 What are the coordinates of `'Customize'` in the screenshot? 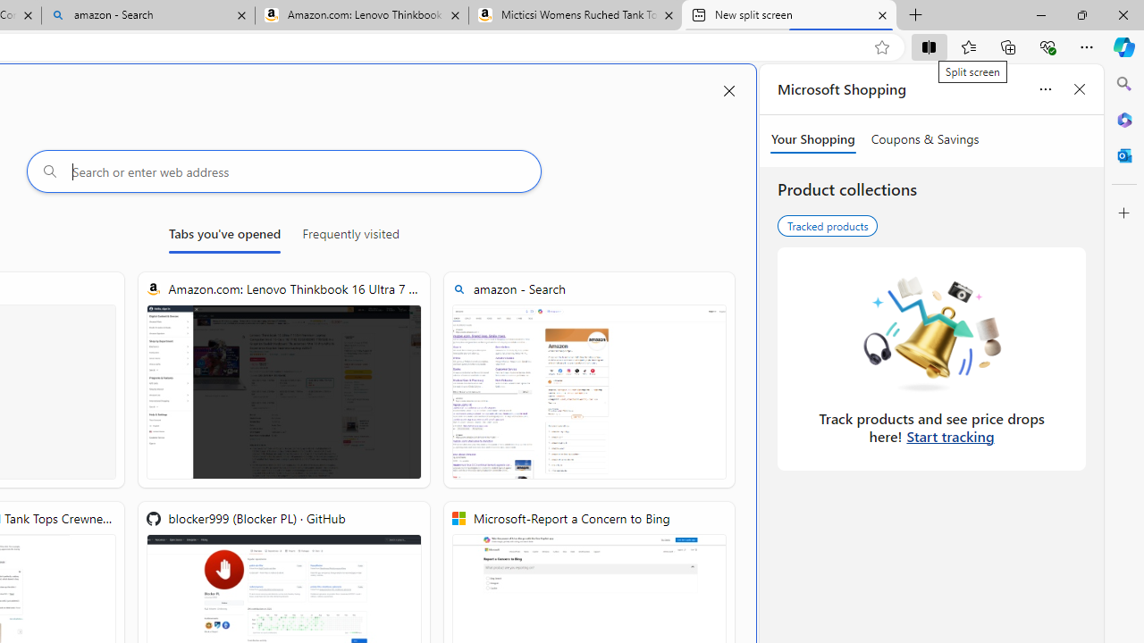 It's located at (1123, 213).